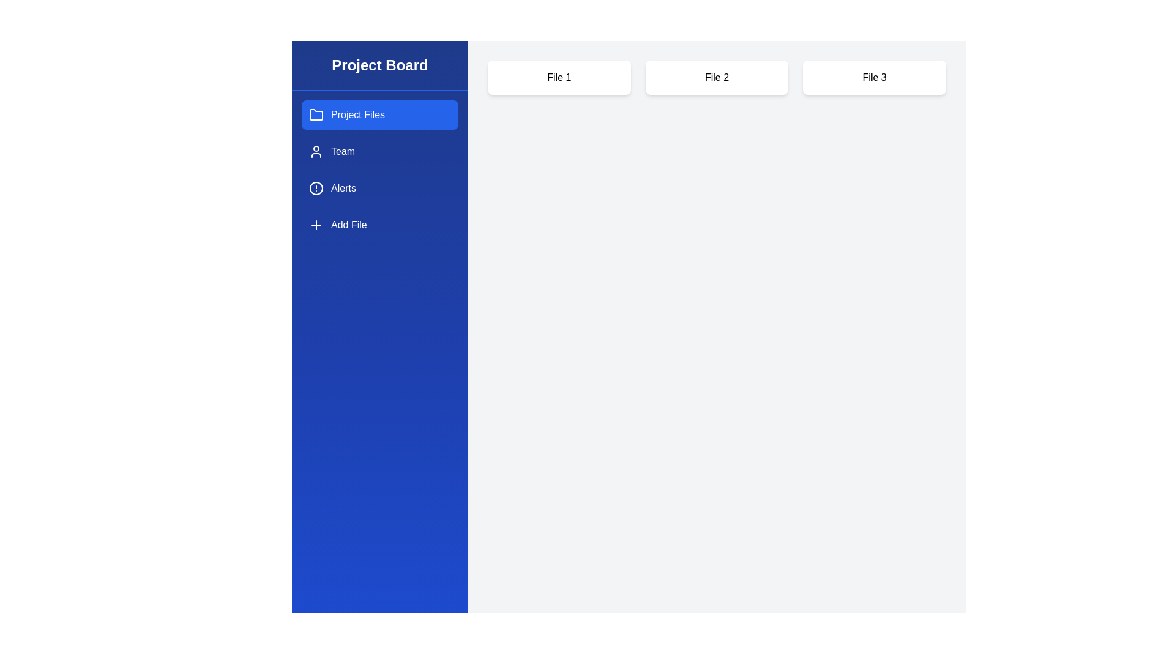  I want to click on the white bold text 'Alerts' located in the blue sidebar, so click(343, 189).